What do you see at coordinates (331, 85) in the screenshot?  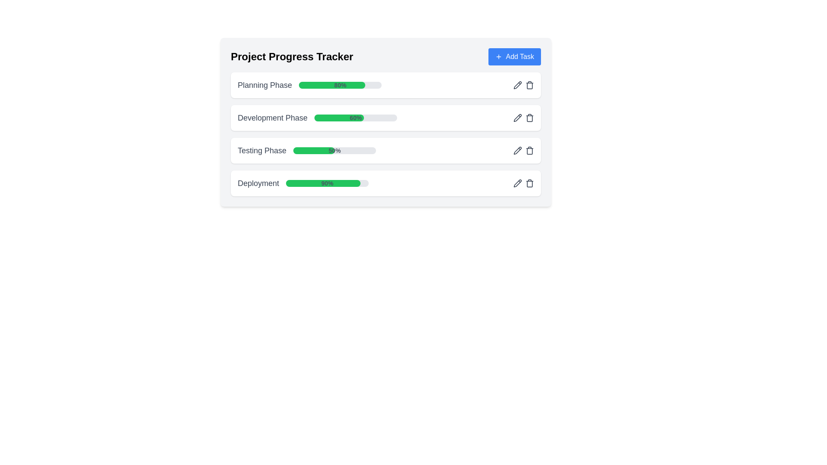 I see `the green progress bar indicating 80% completion for the 'Planning Phase' task in the project progress tracker` at bounding box center [331, 85].